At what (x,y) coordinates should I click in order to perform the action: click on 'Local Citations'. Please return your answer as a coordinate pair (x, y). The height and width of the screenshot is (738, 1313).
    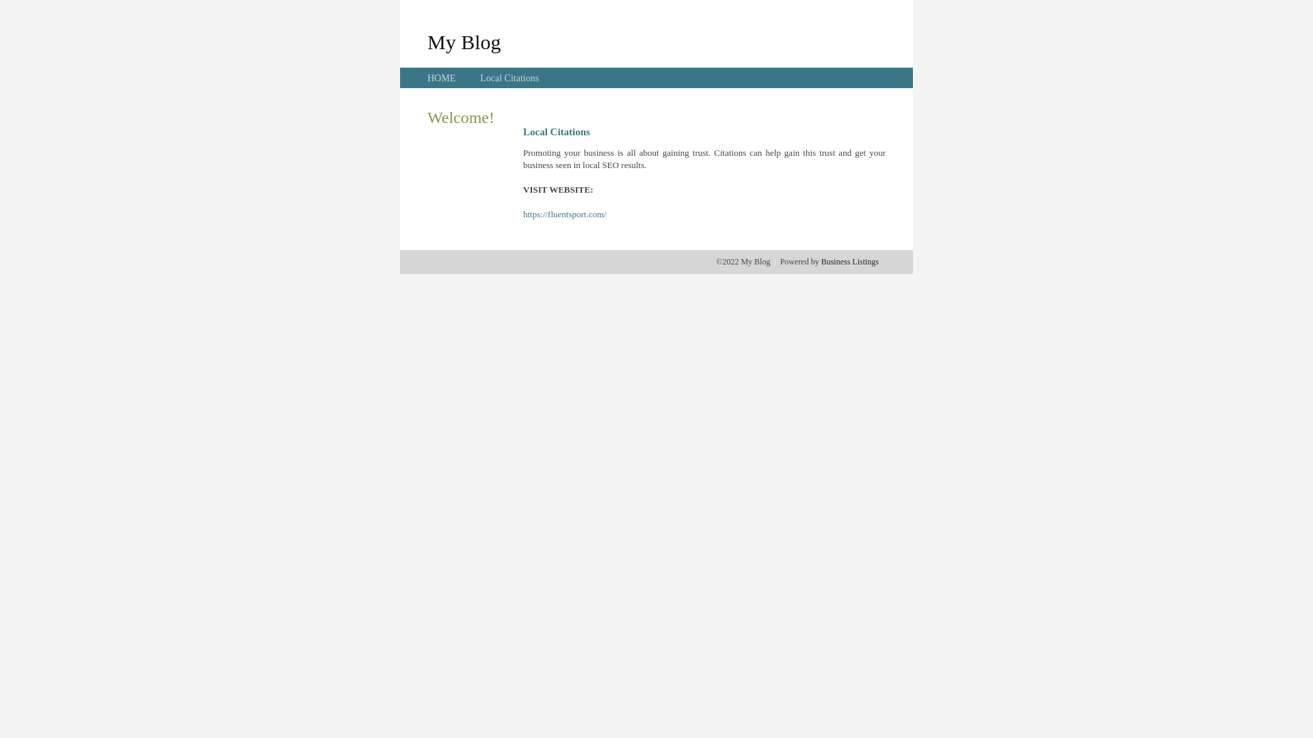
    Looking at the image, I should click on (508, 78).